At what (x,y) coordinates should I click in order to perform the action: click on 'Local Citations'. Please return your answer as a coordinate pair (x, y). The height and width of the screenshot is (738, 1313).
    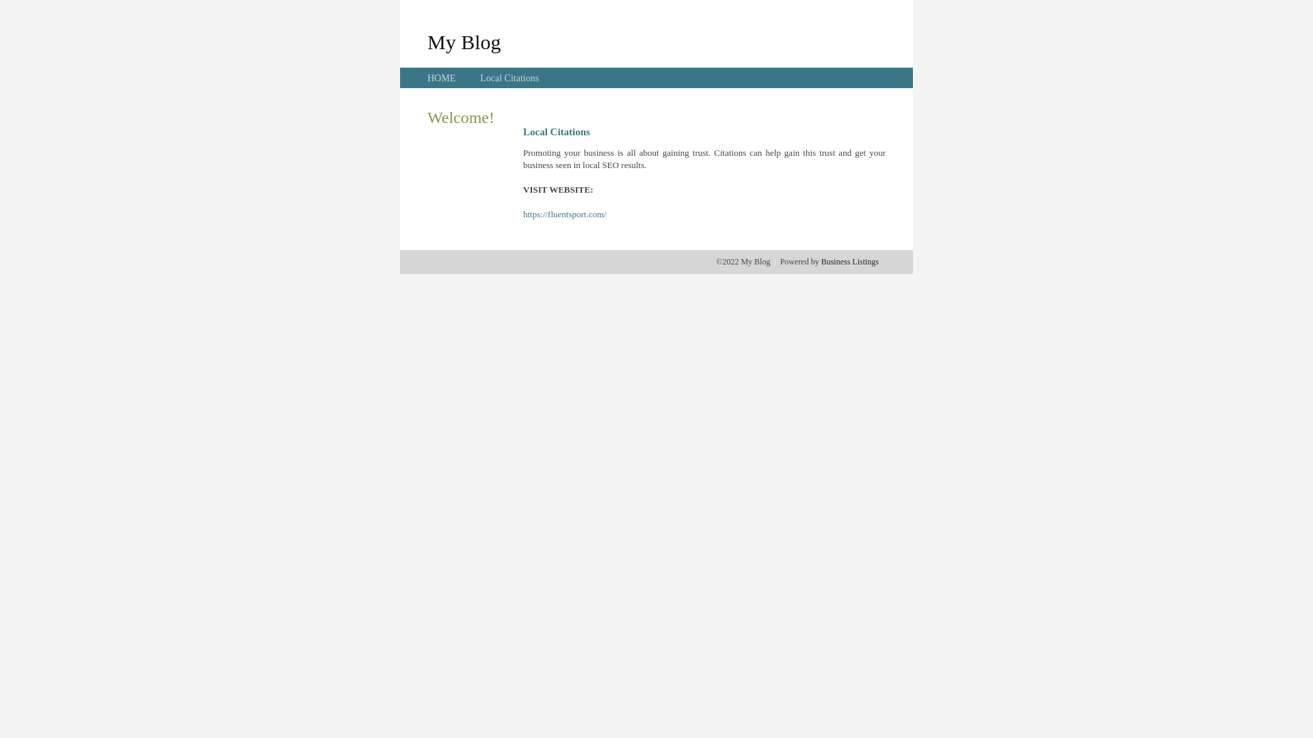
    Looking at the image, I should click on (508, 78).